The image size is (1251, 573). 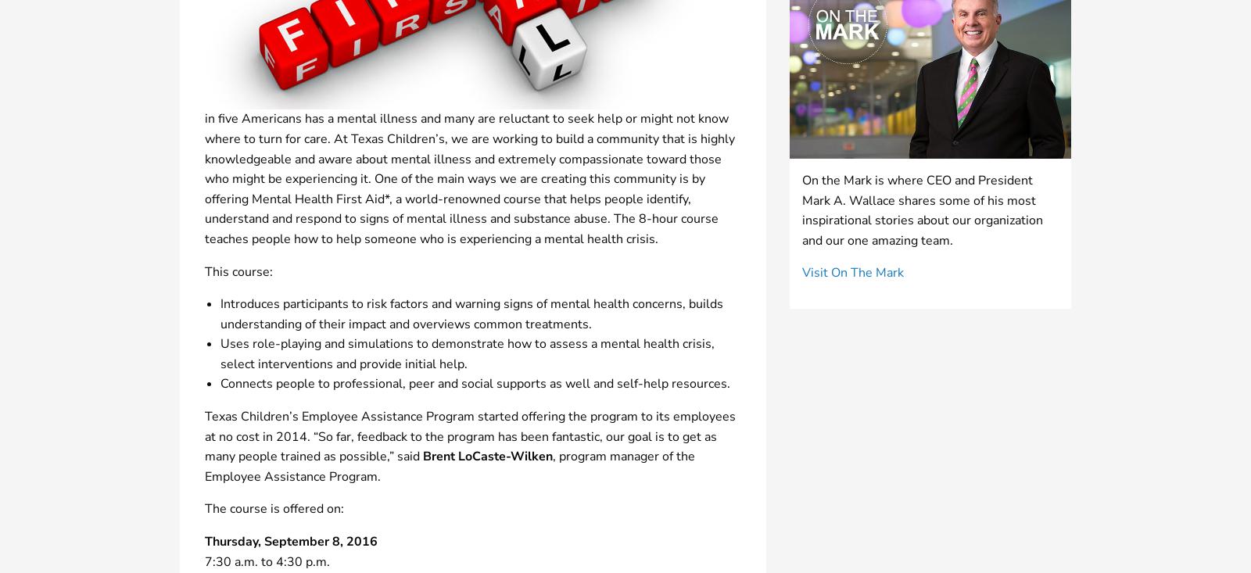 What do you see at coordinates (449, 465) in the screenshot?
I see `', program manager of the Employee Assistance Program.'` at bounding box center [449, 465].